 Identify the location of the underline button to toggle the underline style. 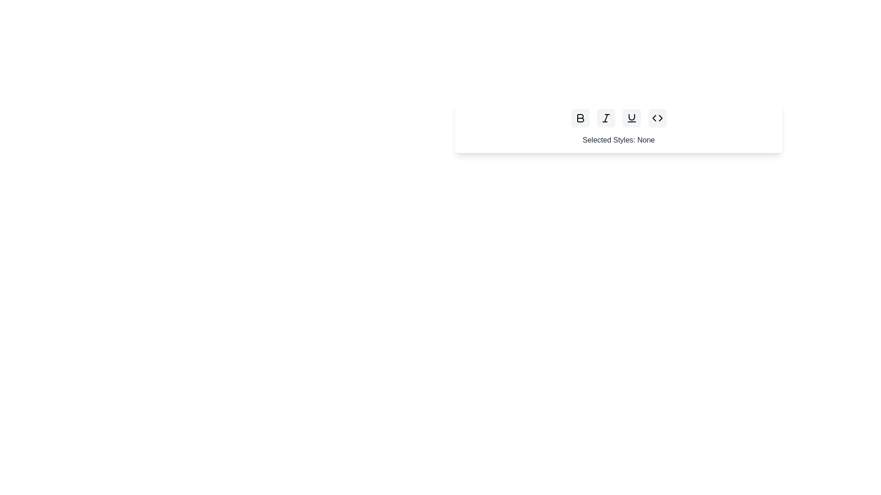
(631, 118).